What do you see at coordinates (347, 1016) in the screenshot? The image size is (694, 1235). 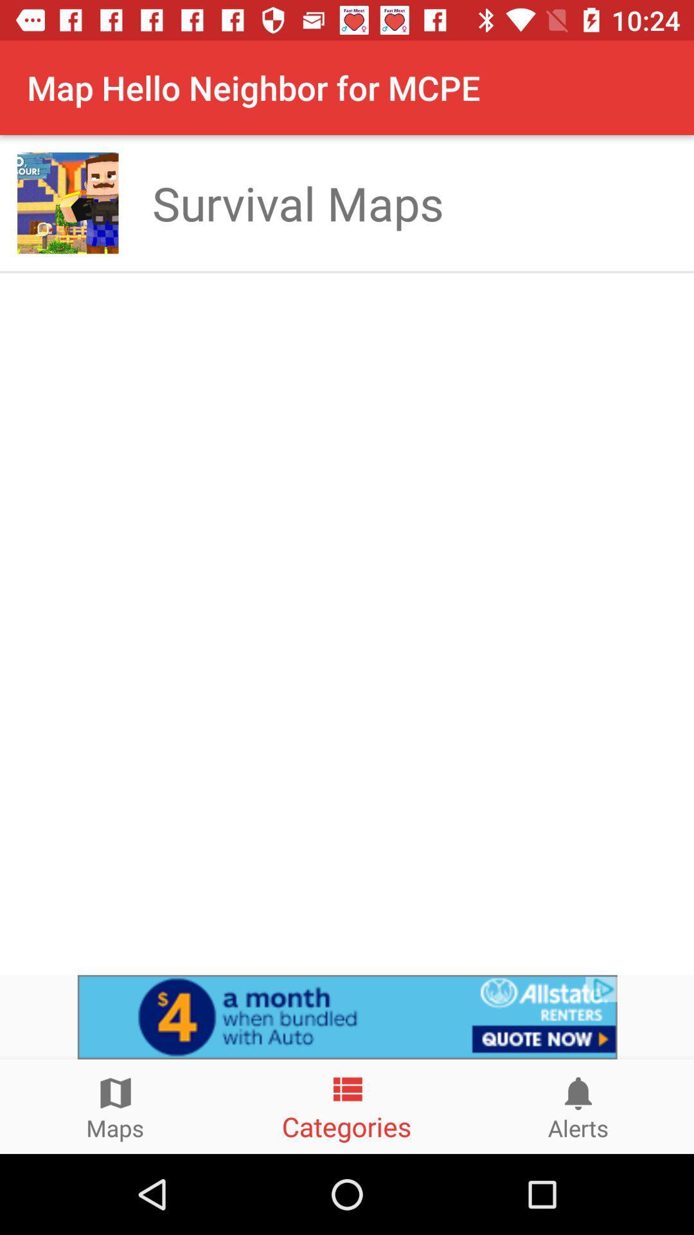 I see `click for advertisement information` at bounding box center [347, 1016].